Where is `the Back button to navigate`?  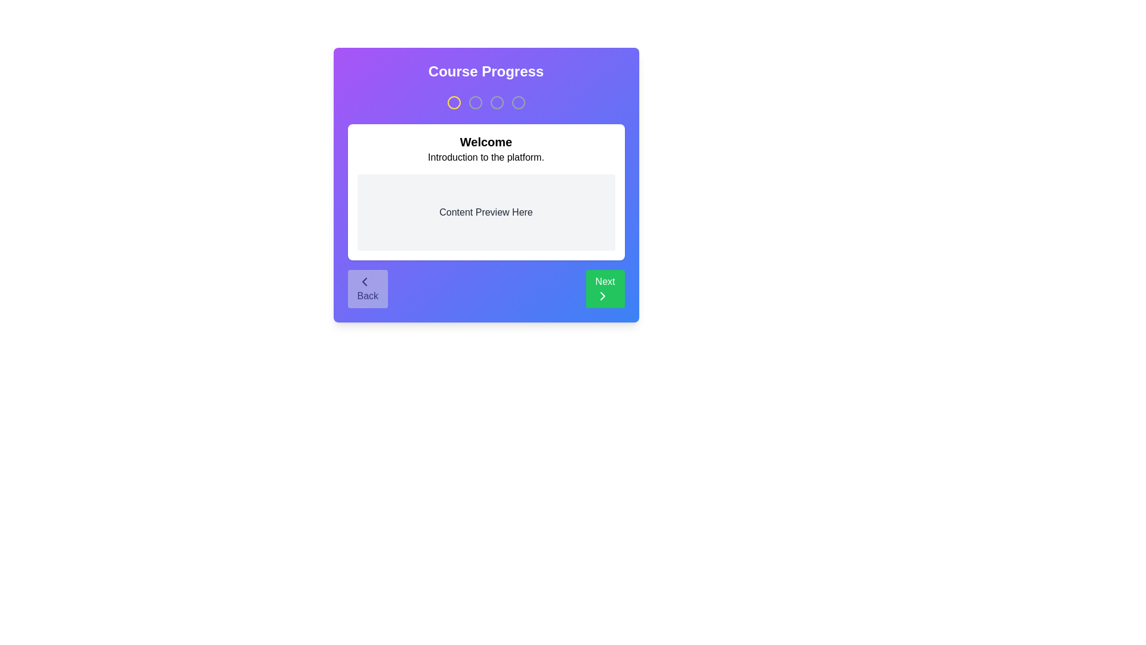
the Back button to navigate is located at coordinates (367, 288).